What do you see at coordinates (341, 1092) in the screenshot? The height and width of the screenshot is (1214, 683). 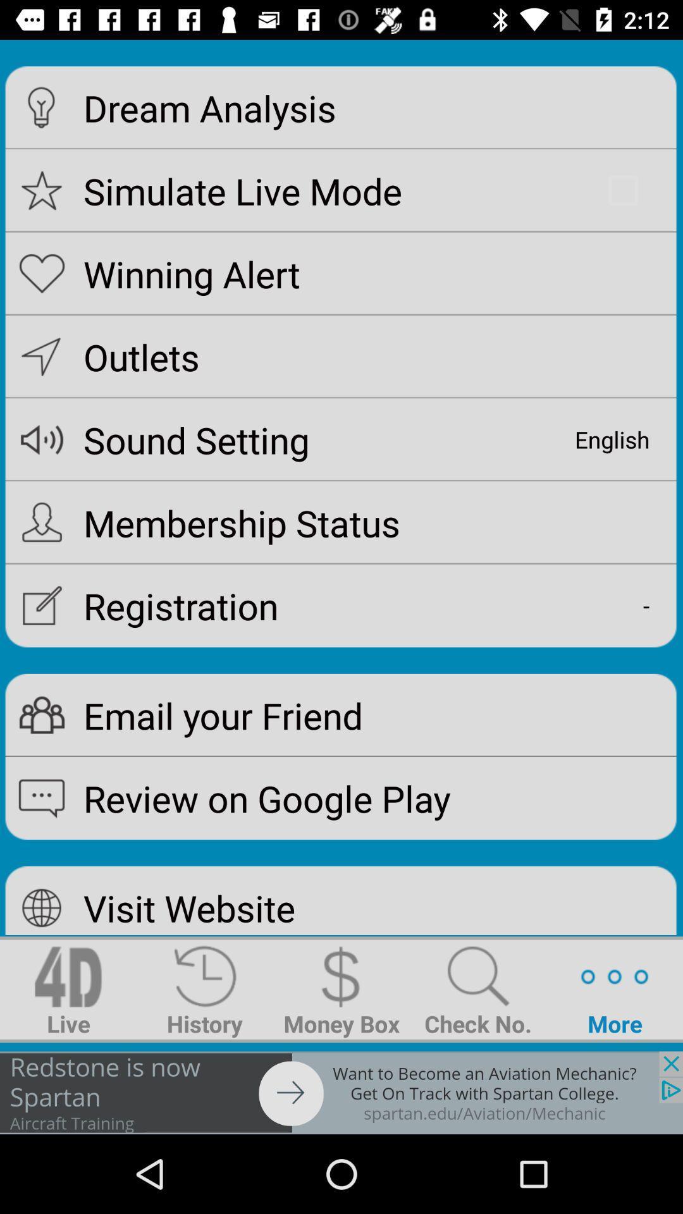 I see `open advertisement` at bounding box center [341, 1092].